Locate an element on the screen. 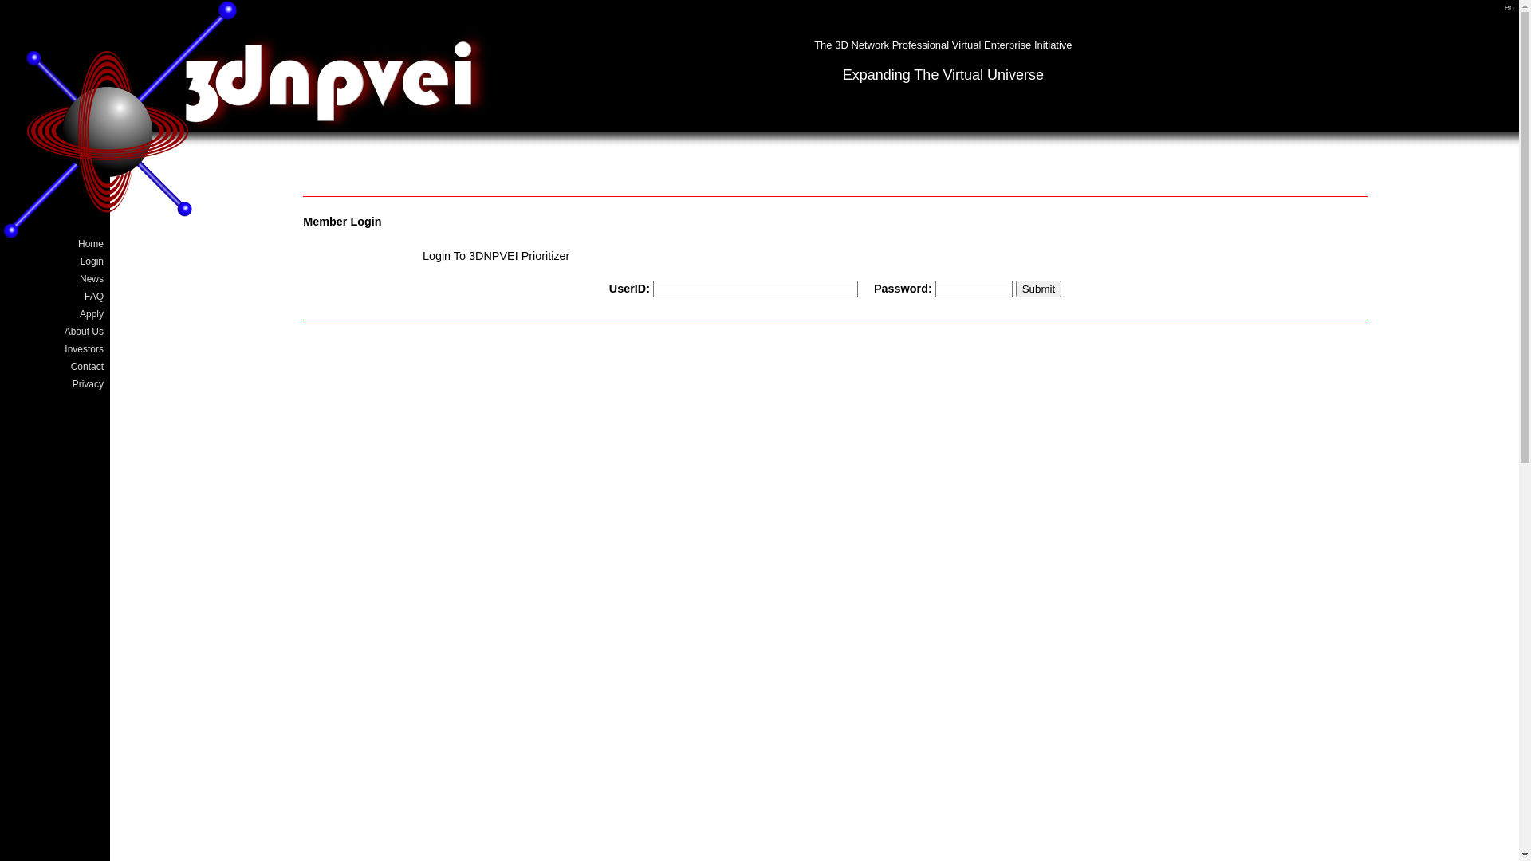  'Home' is located at coordinates (56, 243).